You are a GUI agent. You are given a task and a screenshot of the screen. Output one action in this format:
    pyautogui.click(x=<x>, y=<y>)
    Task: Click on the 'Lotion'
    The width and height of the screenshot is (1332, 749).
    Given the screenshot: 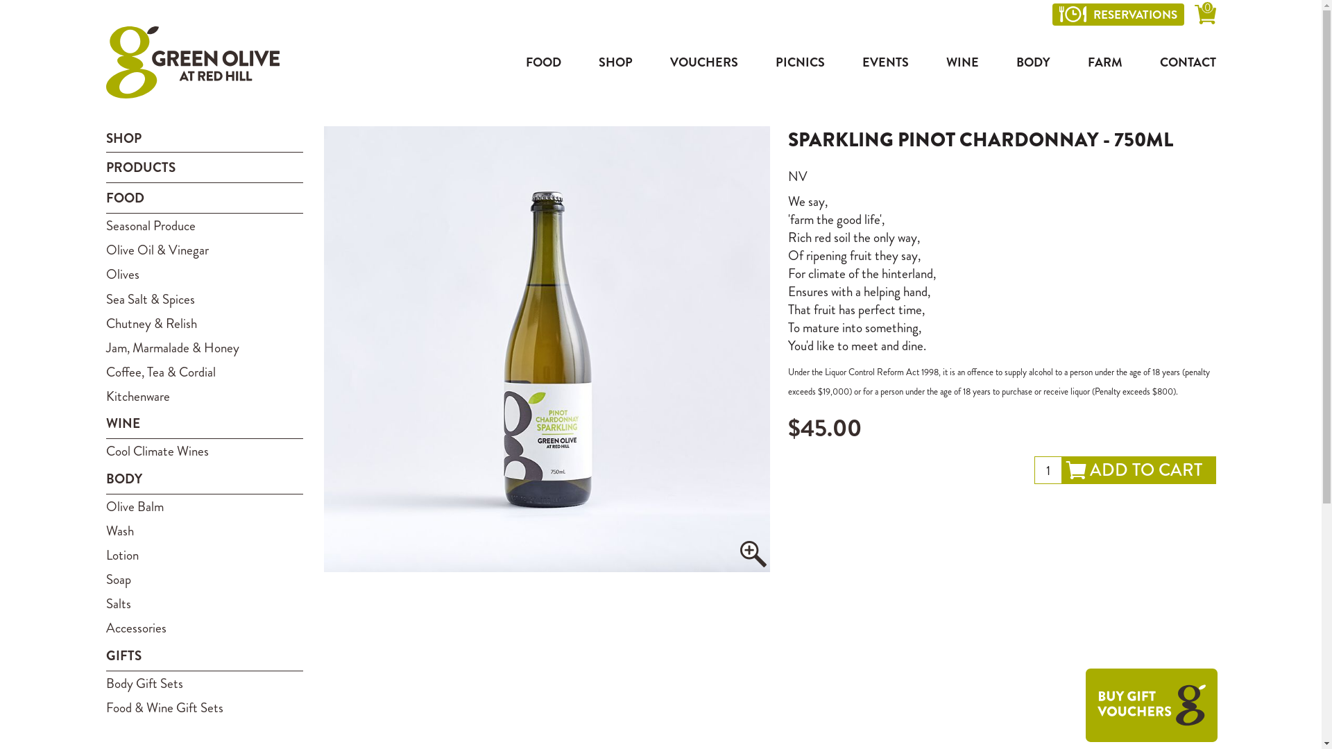 What is the action you would take?
    pyautogui.click(x=203, y=554)
    